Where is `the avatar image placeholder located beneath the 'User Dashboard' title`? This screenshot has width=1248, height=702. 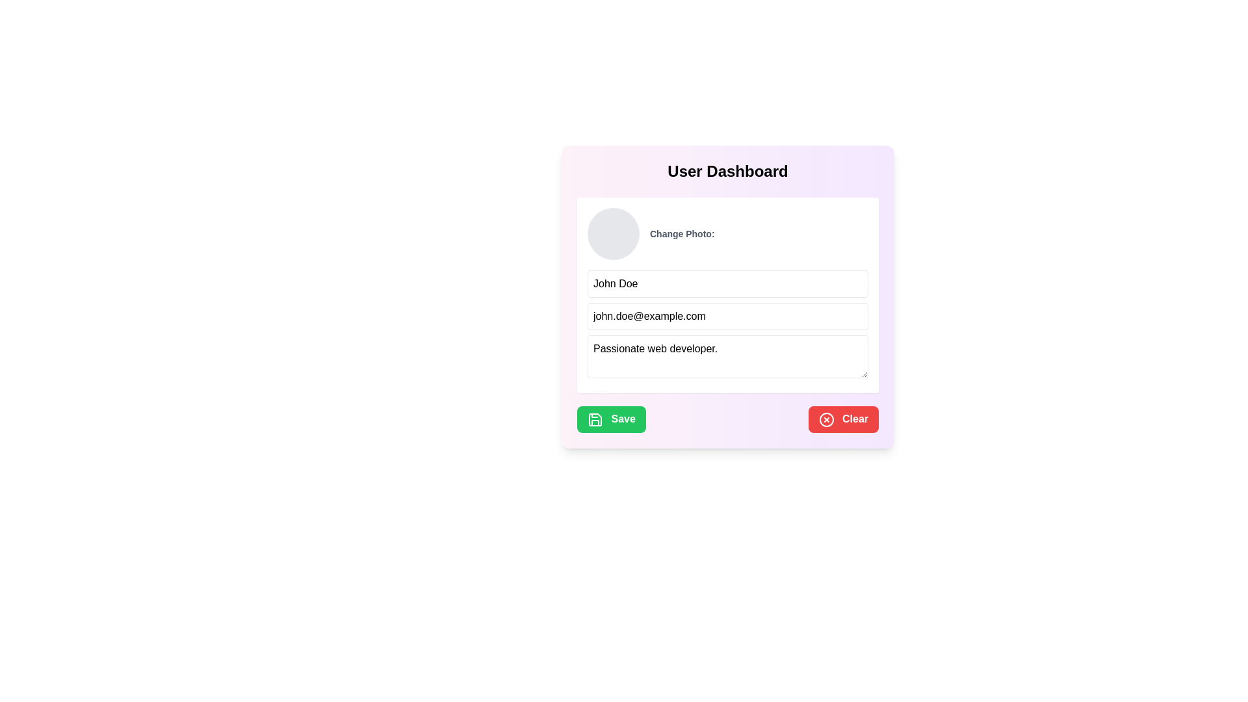 the avatar image placeholder located beneath the 'User Dashboard' title is located at coordinates (727, 233).